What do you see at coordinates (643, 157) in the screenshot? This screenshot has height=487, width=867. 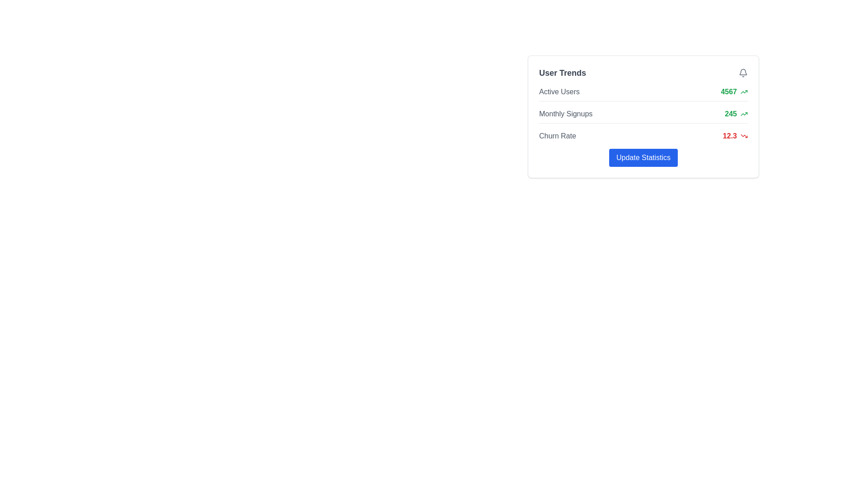 I see `the blue button labeled 'Update Statistics' located at the bottom of the 'User Trends' card to update statistics` at bounding box center [643, 157].